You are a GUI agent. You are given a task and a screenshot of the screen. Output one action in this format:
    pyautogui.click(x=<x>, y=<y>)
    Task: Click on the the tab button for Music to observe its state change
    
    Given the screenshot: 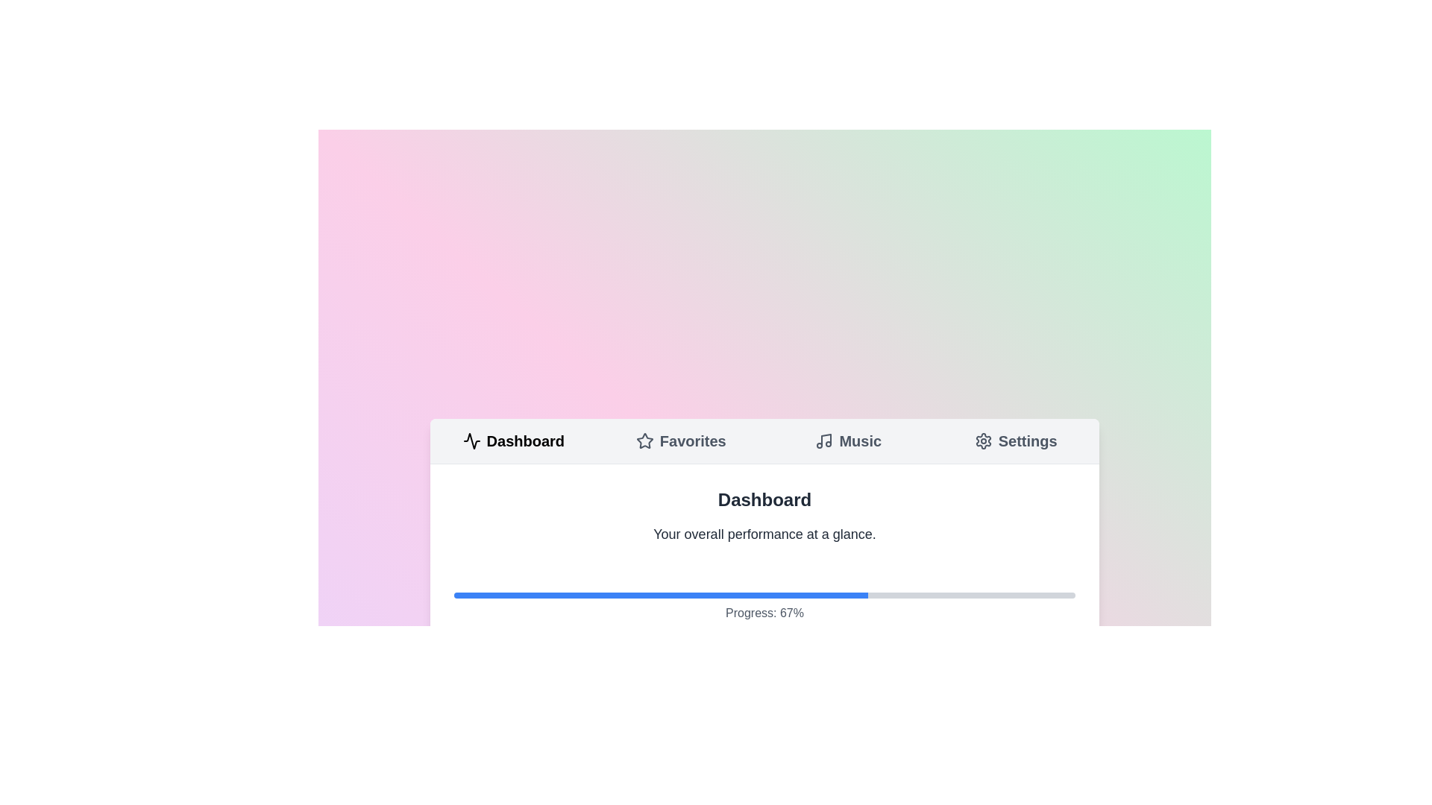 What is the action you would take?
    pyautogui.click(x=848, y=440)
    